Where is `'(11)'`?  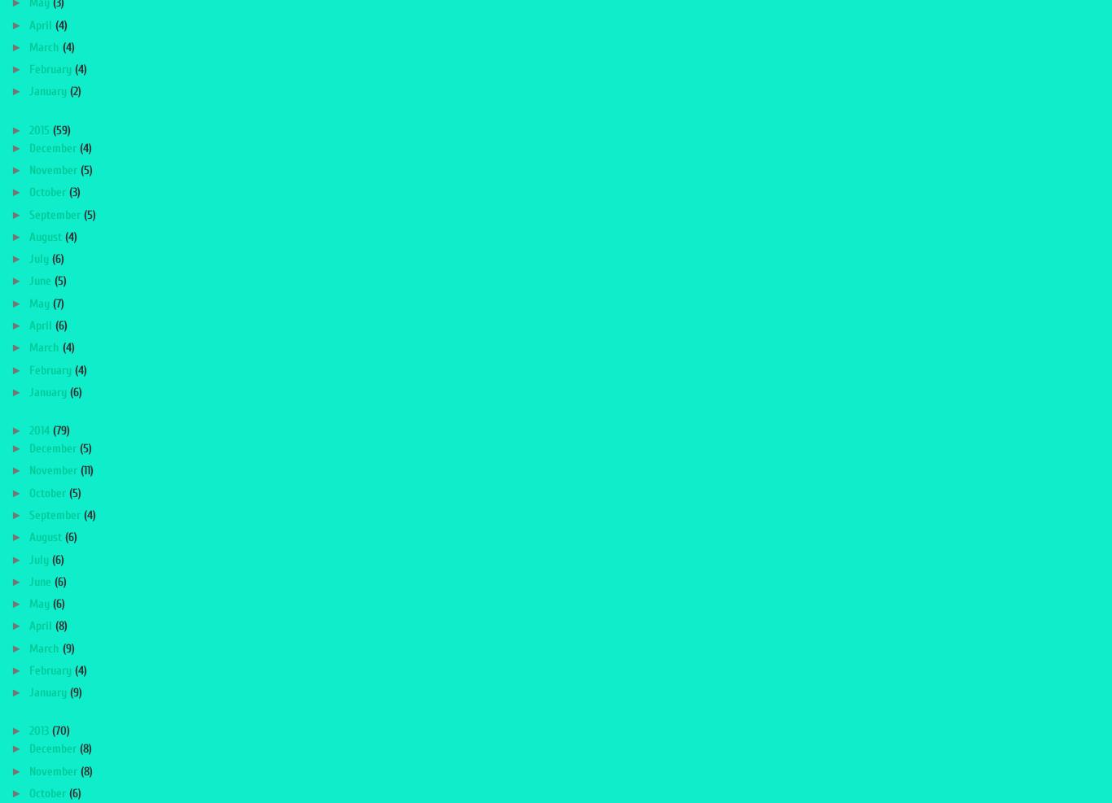 '(11)' is located at coordinates (79, 469).